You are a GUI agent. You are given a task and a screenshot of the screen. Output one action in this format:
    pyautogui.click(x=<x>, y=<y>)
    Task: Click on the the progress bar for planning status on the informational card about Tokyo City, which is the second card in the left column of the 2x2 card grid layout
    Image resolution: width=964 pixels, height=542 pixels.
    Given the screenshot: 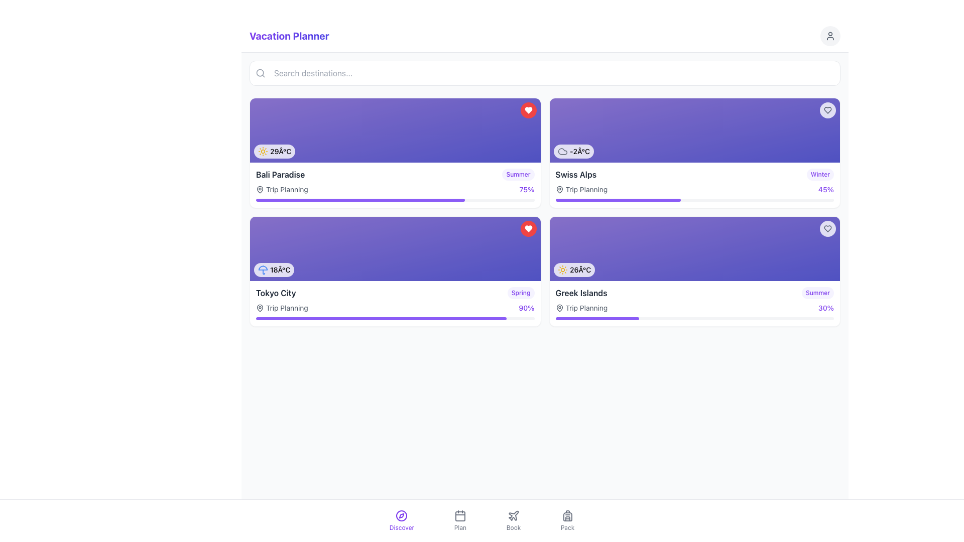 What is the action you would take?
    pyautogui.click(x=395, y=271)
    